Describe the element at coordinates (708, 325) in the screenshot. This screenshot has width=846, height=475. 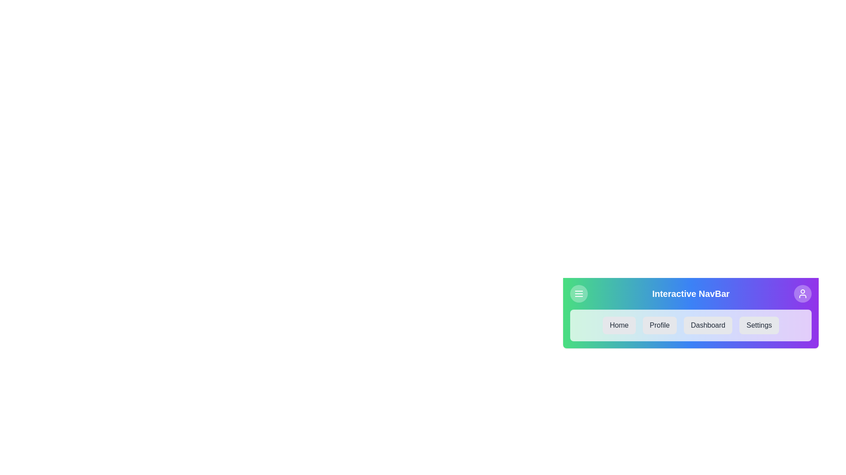
I see `the navigation link labeled Dashboard` at that location.